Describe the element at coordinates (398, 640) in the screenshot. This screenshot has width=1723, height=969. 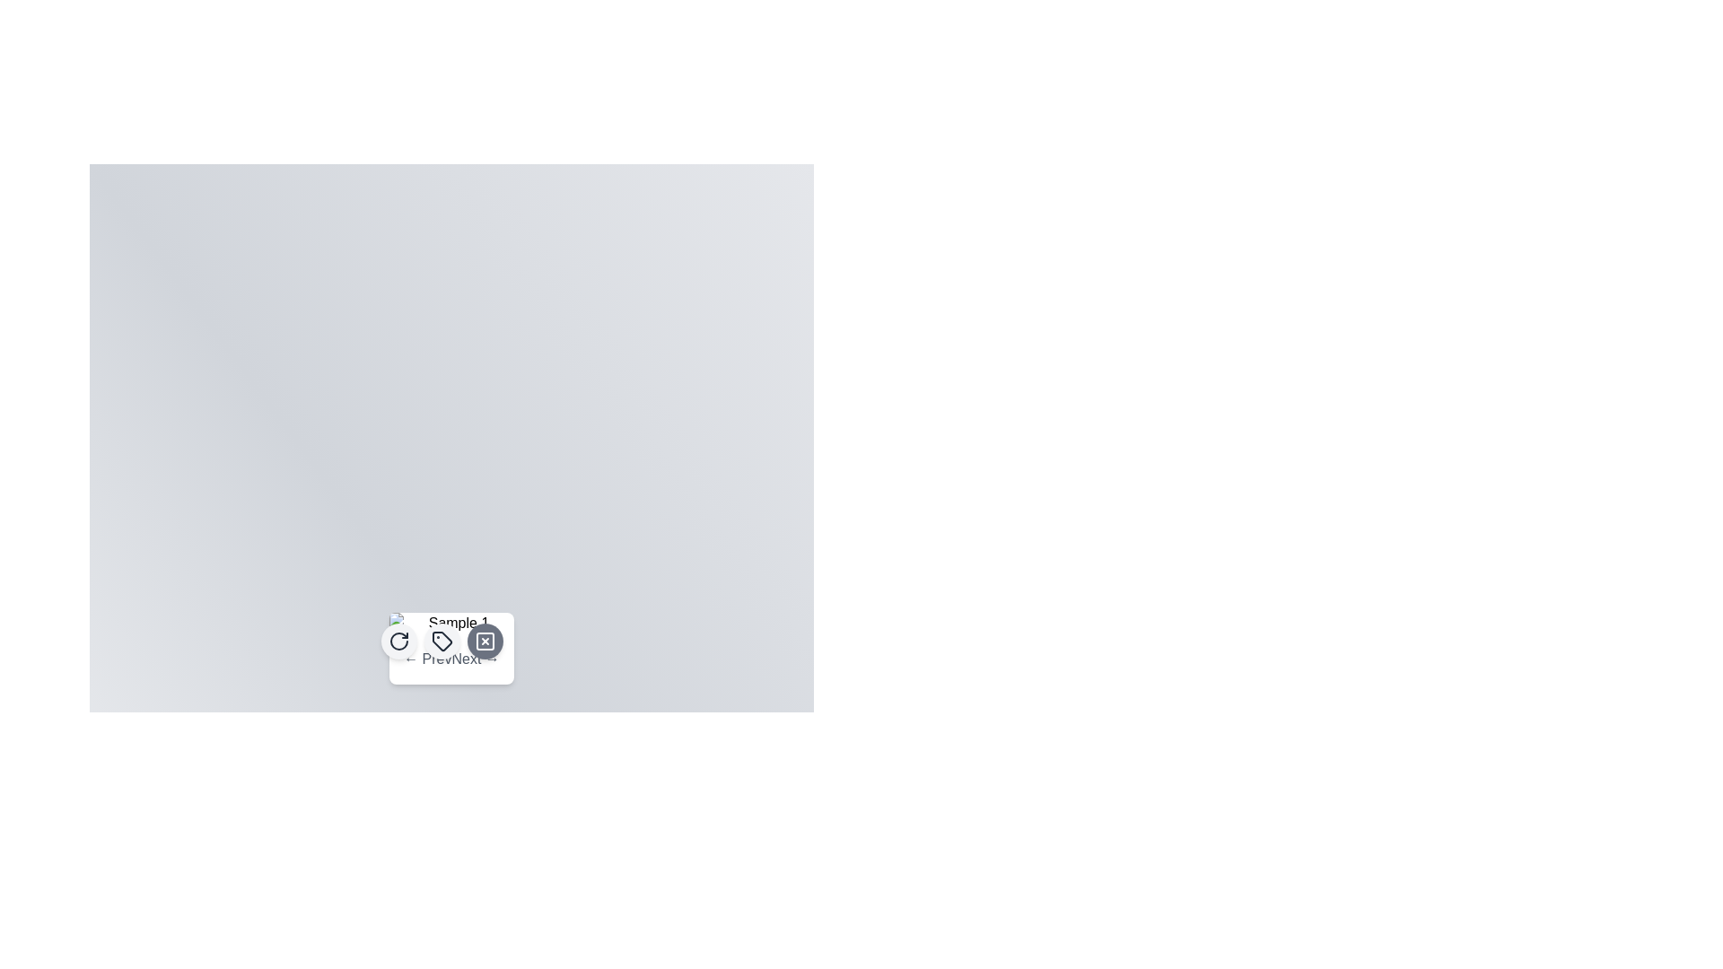
I see `the refresh button with an icon located at the top-right section of the submenu` at that location.